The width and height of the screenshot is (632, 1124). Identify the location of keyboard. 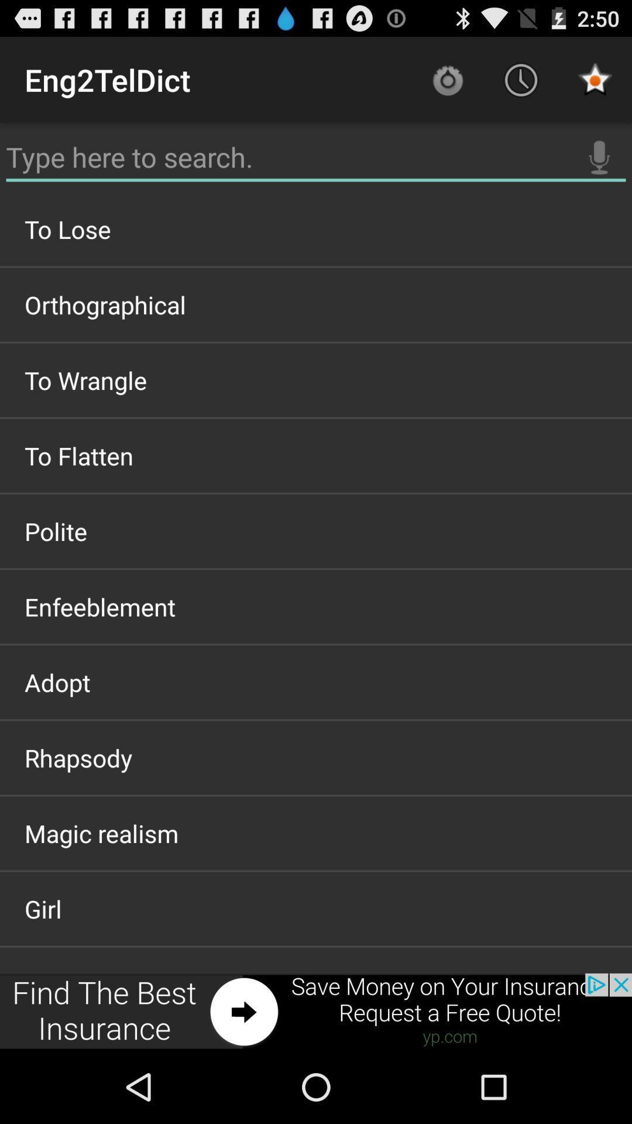
(316, 157).